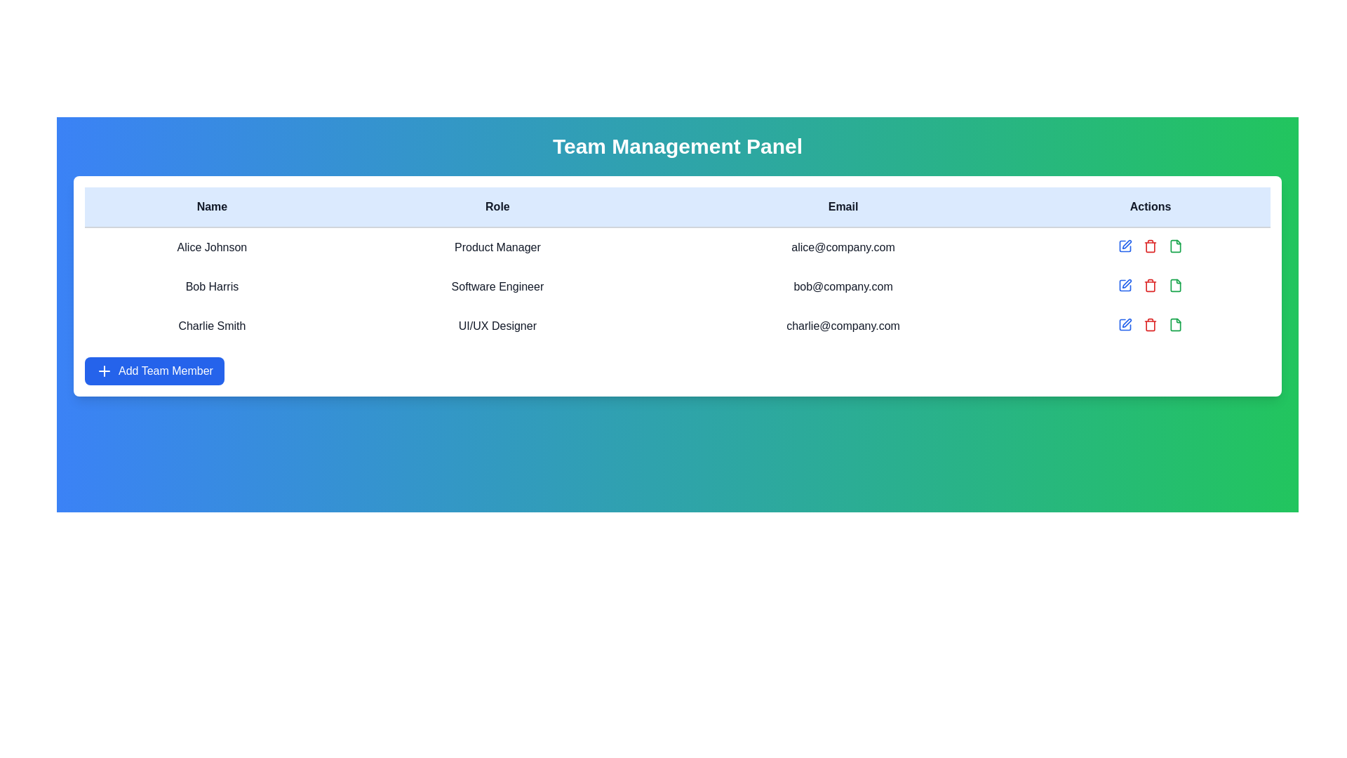 The width and height of the screenshot is (1347, 758). What do you see at coordinates (211, 207) in the screenshot?
I see `the text label displaying 'Name', which is styled in bold and centrally aligned within a light blue background, located at the top-left of the data table header row` at bounding box center [211, 207].